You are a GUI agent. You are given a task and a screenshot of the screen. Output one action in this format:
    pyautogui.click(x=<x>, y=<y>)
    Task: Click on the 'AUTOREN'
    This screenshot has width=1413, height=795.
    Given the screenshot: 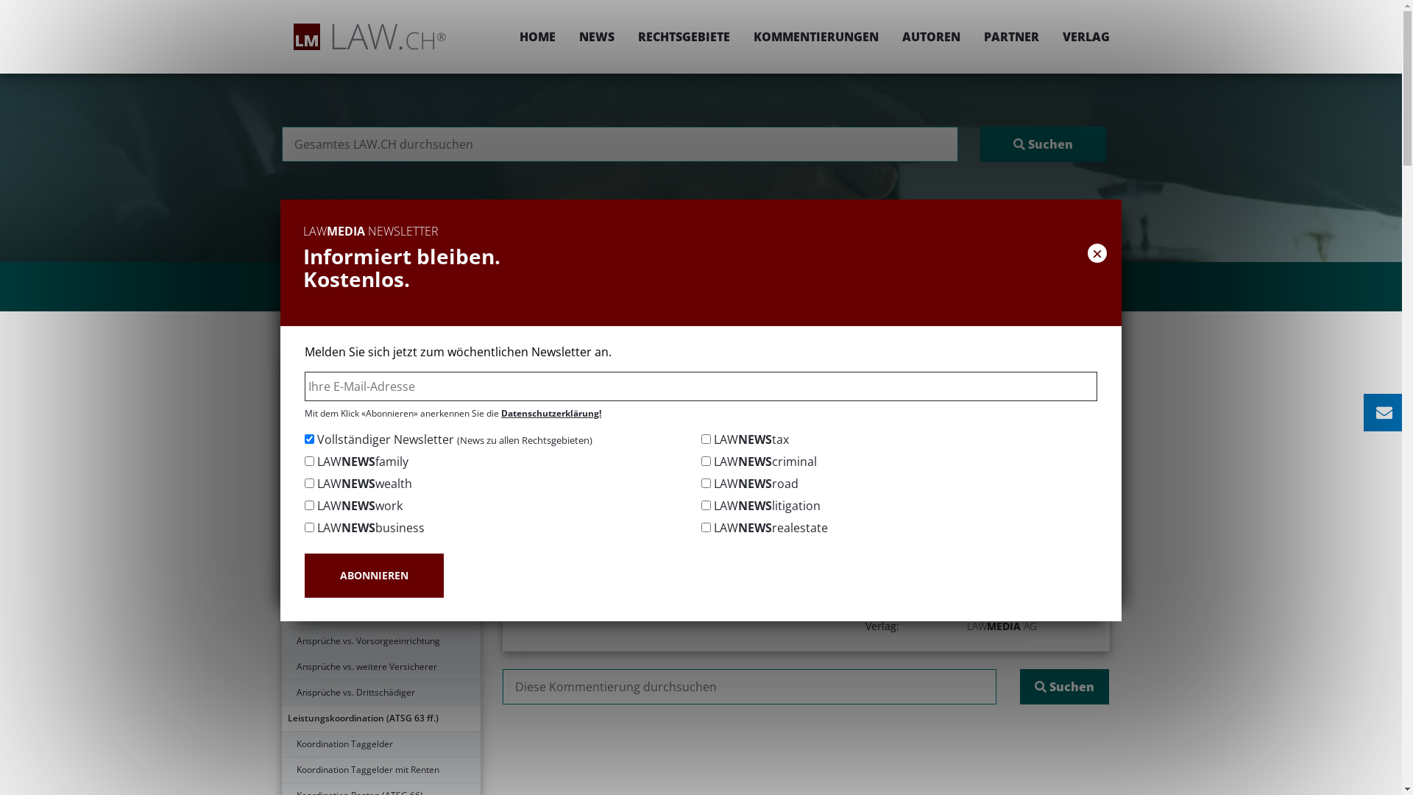 What is the action you would take?
    pyautogui.click(x=930, y=36)
    